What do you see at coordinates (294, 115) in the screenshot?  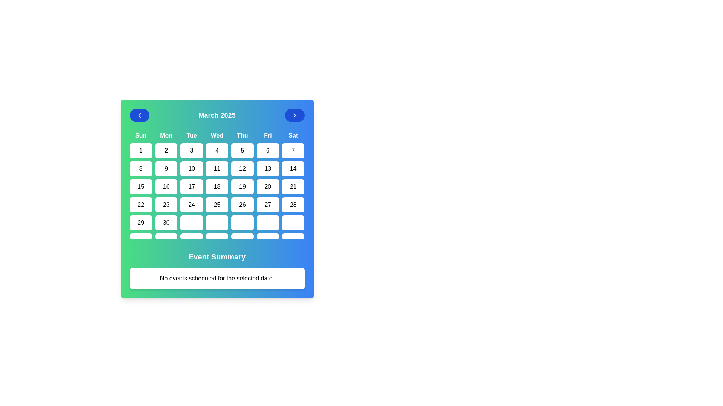 I see `the navigation button located in the top-right section of the calendar interface to advance to the next month` at bounding box center [294, 115].